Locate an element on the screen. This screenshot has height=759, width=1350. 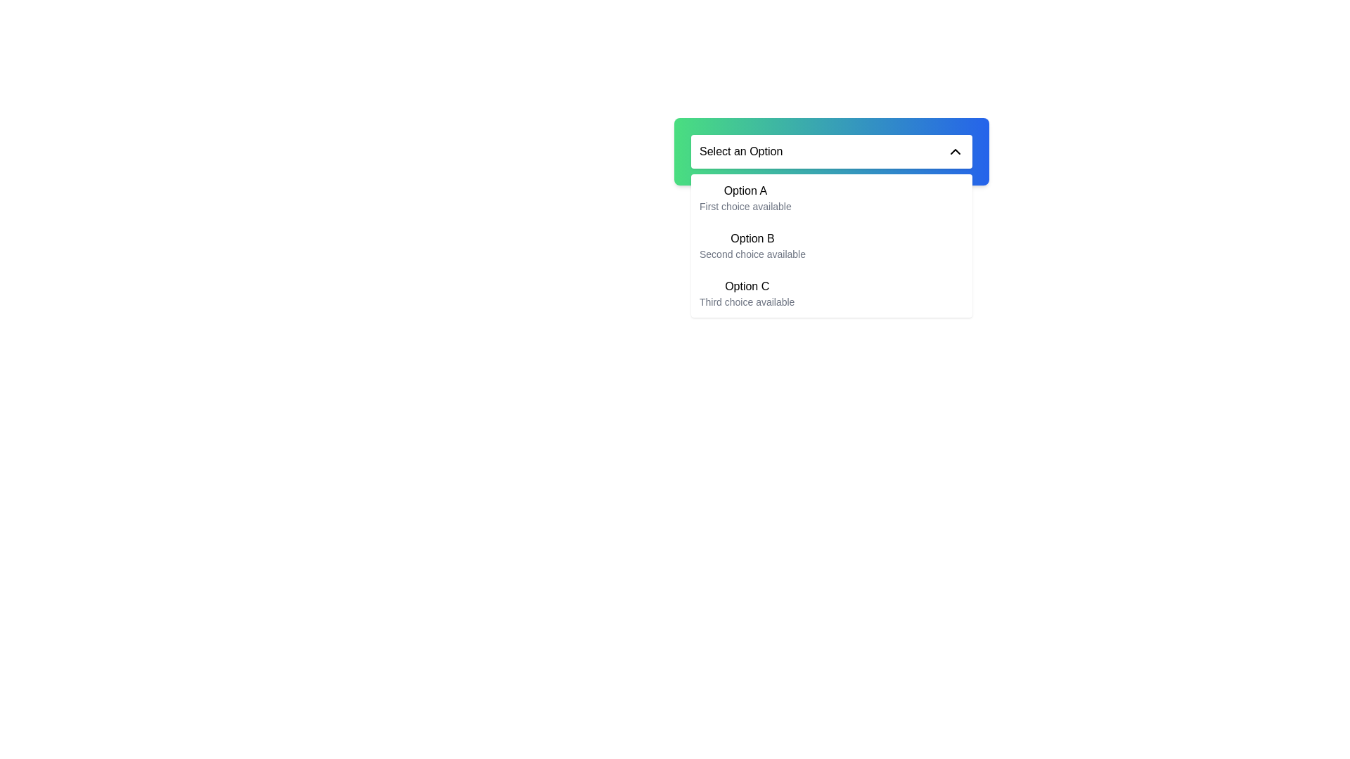
the first choice in the dropdown menu is located at coordinates (745, 197).